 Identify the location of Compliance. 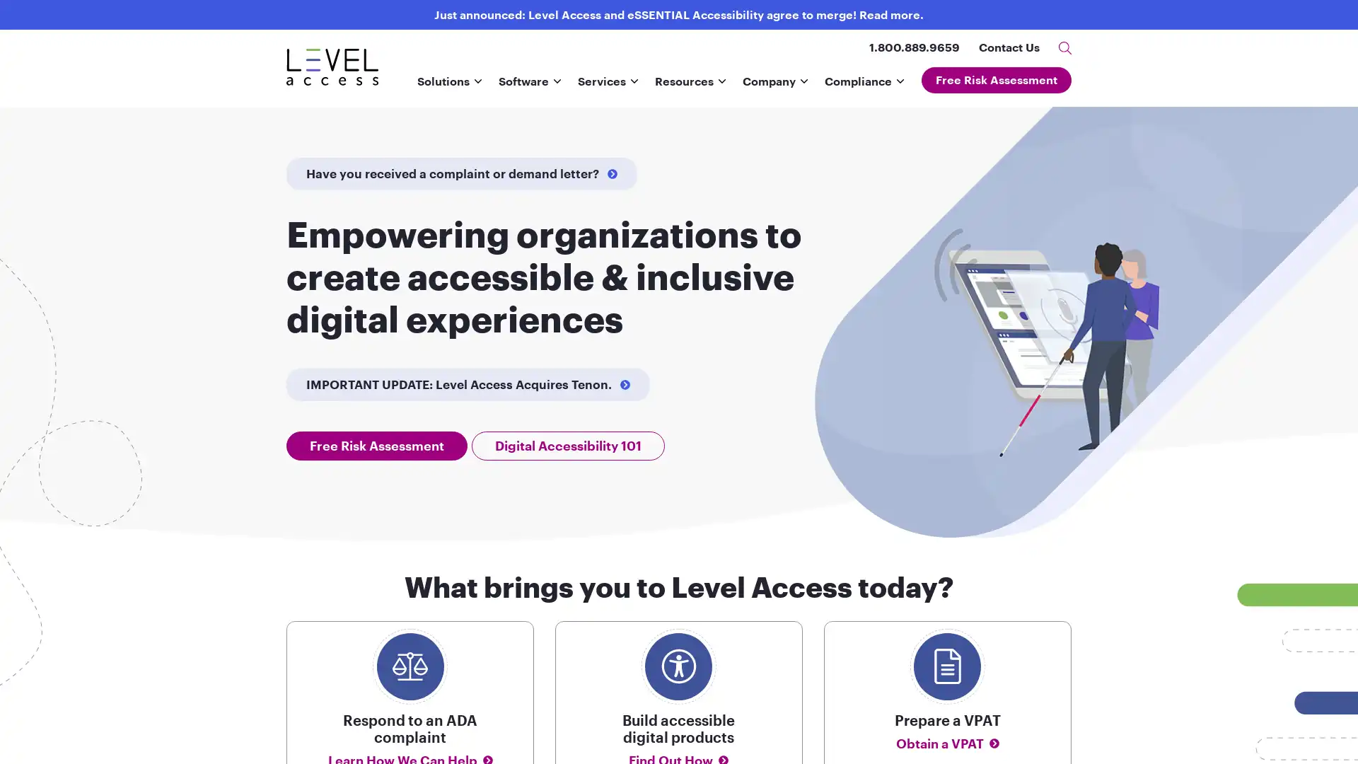
(864, 86).